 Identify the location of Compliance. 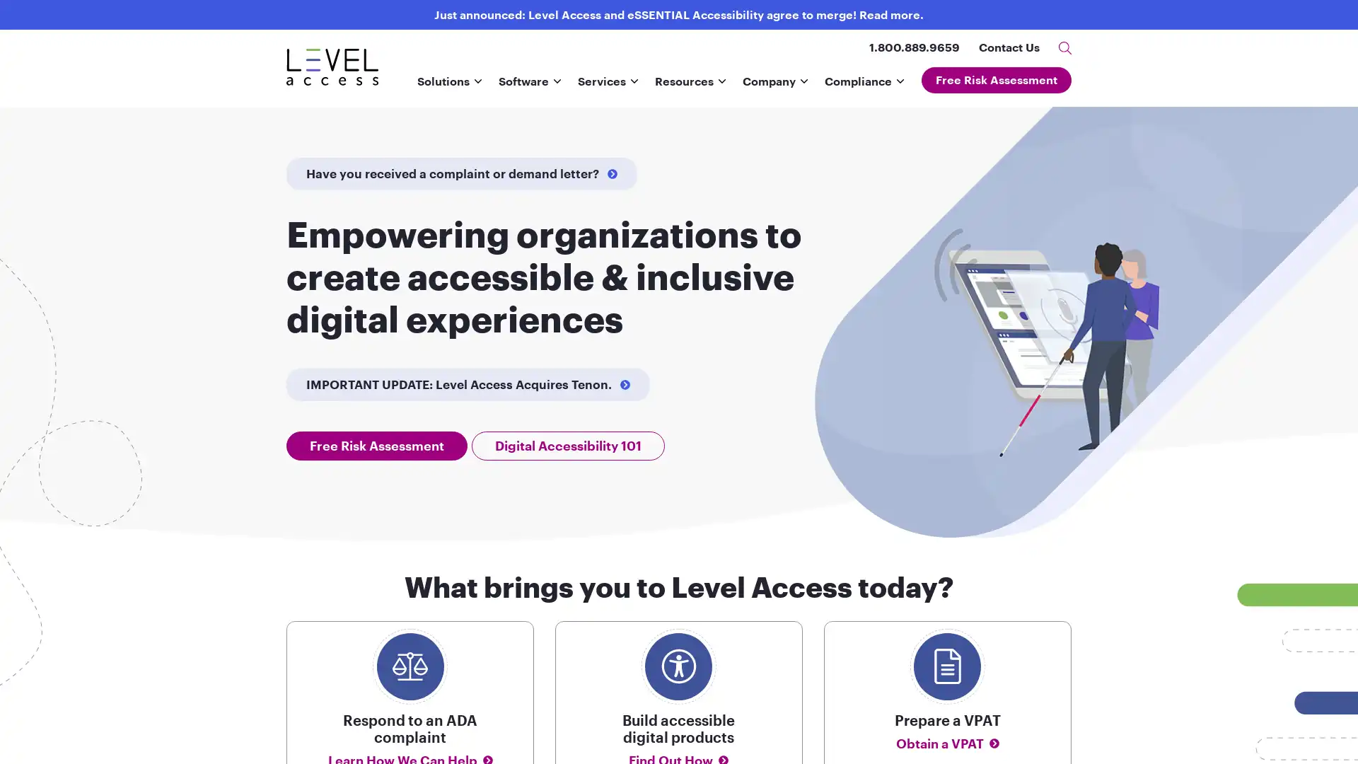
(864, 86).